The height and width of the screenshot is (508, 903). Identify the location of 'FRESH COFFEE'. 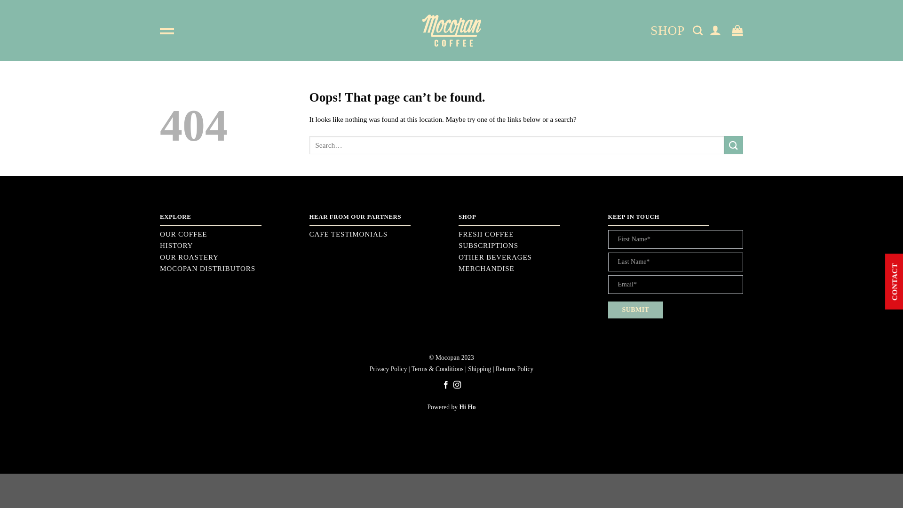
(458, 233).